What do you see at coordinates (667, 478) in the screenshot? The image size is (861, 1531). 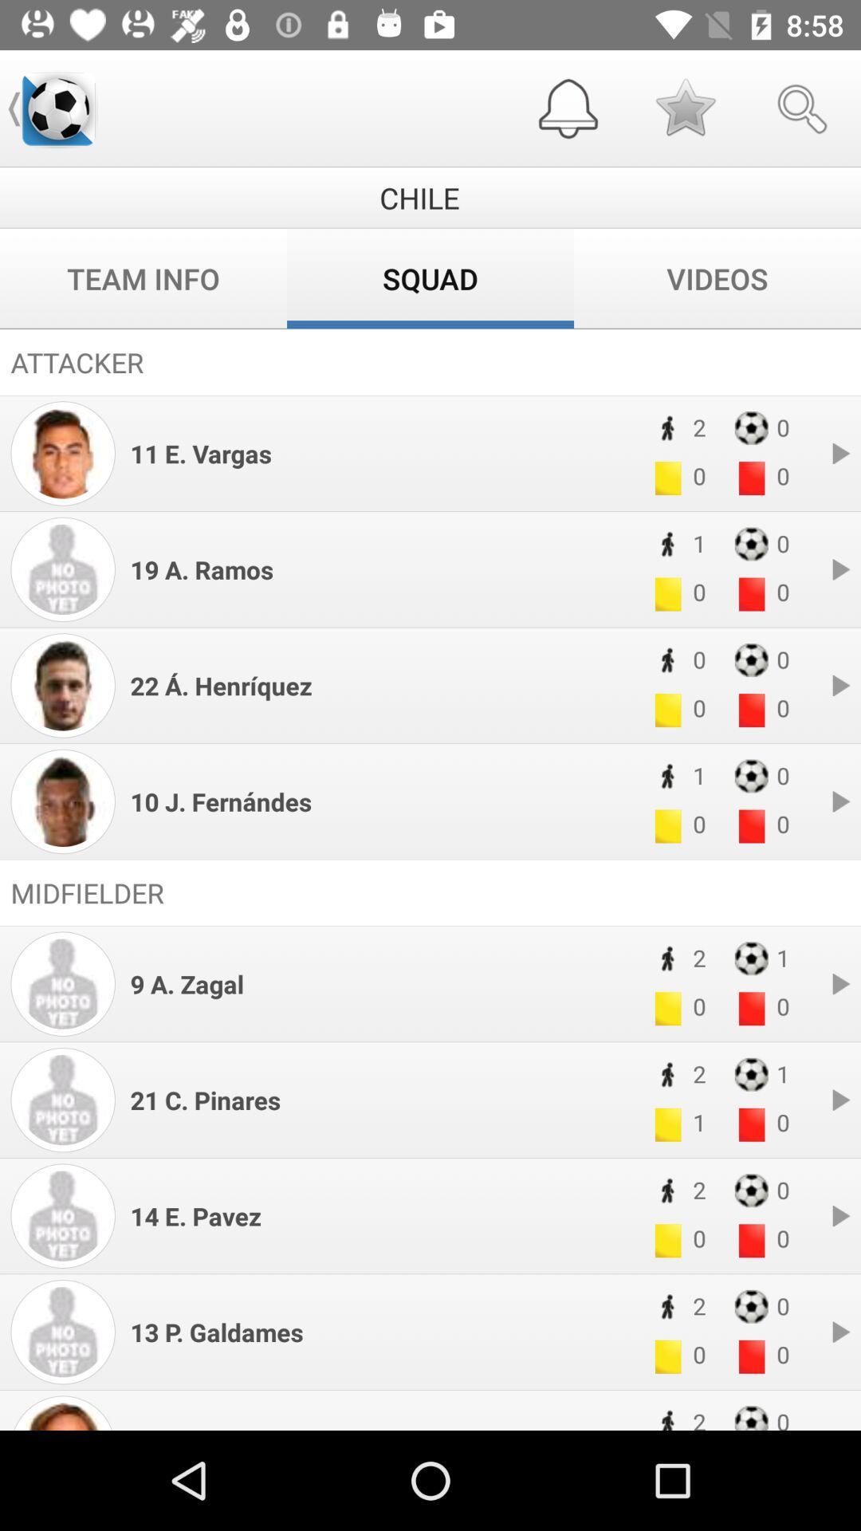 I see `the yellow box of 11 e vargas` at bounding box center [667, 478].